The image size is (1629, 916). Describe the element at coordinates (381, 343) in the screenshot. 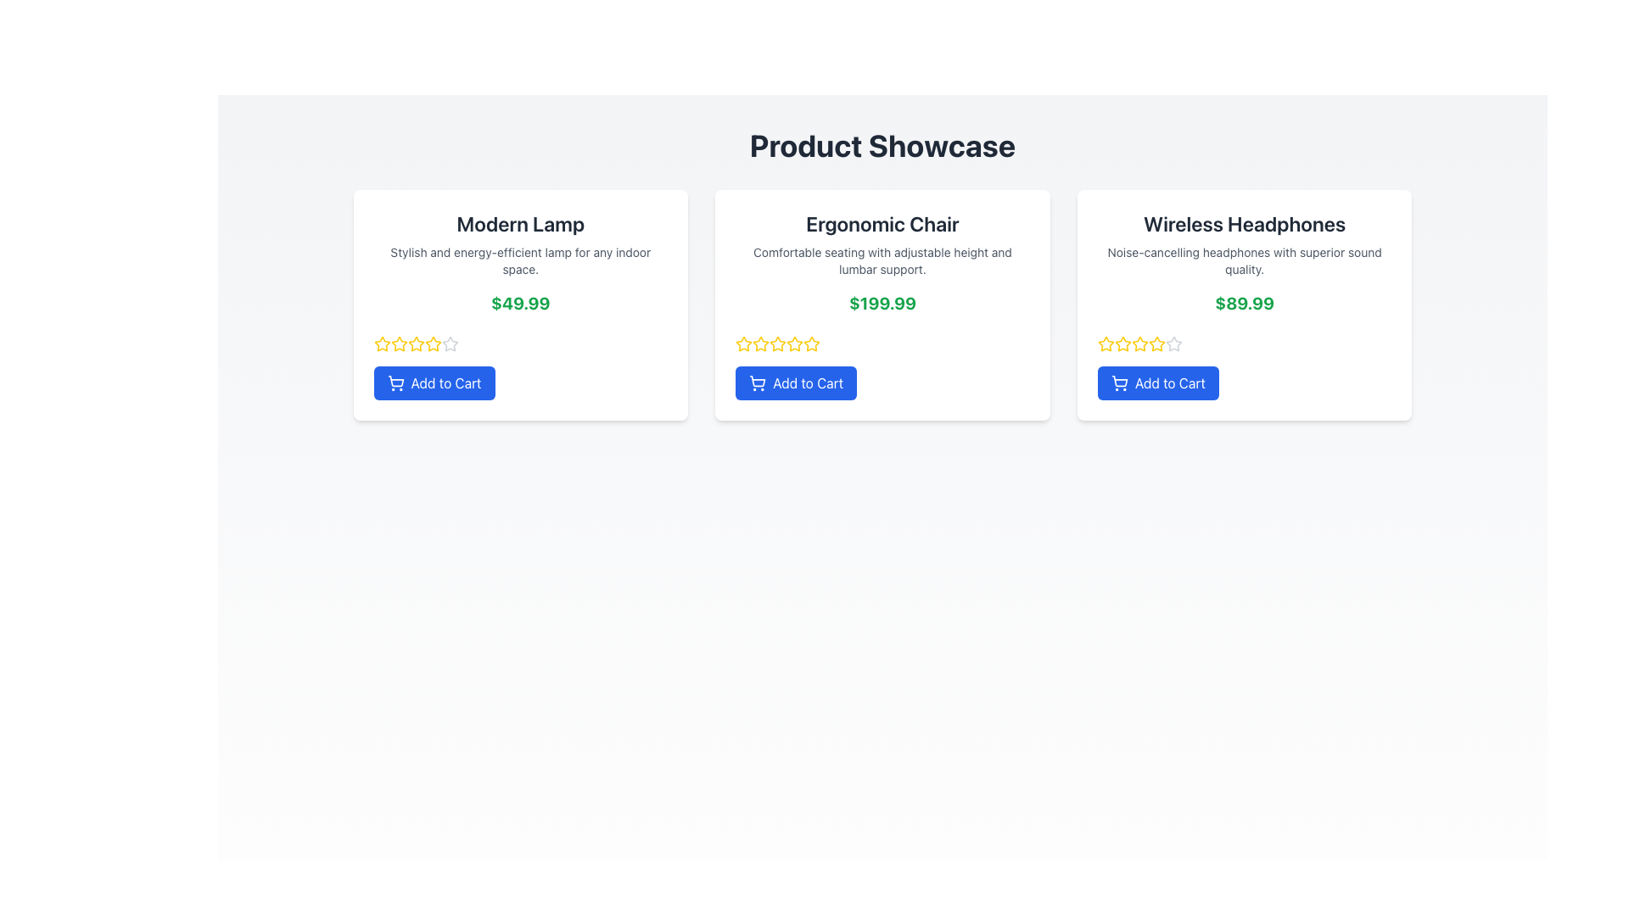

I see `the first star icon in the rating system for the 'Modern Lamp' card, located below the product information` at that location.